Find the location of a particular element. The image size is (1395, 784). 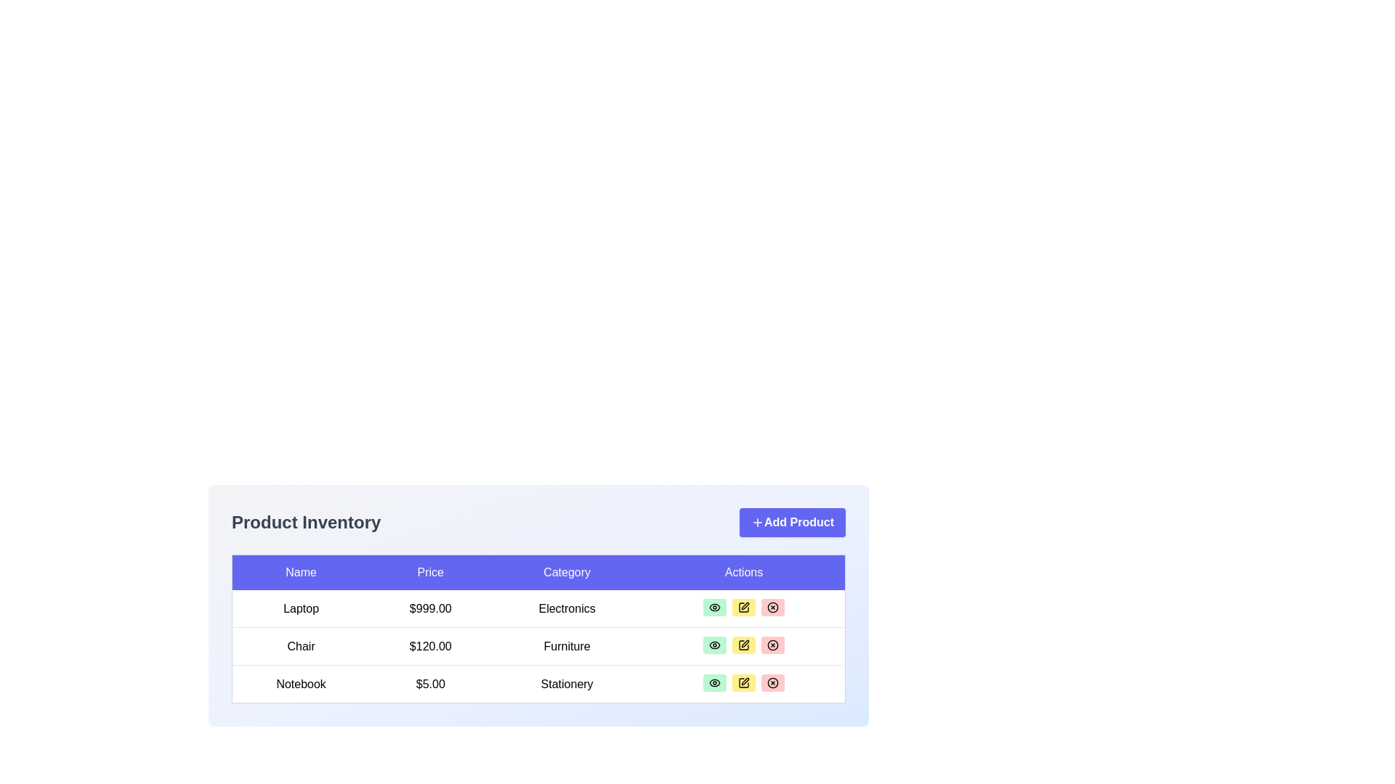

the static text label displaying 'Product Inventory', which is in a bold, large gray font located prominently at the top-left corner of the section is located at coordinates (305, 523).